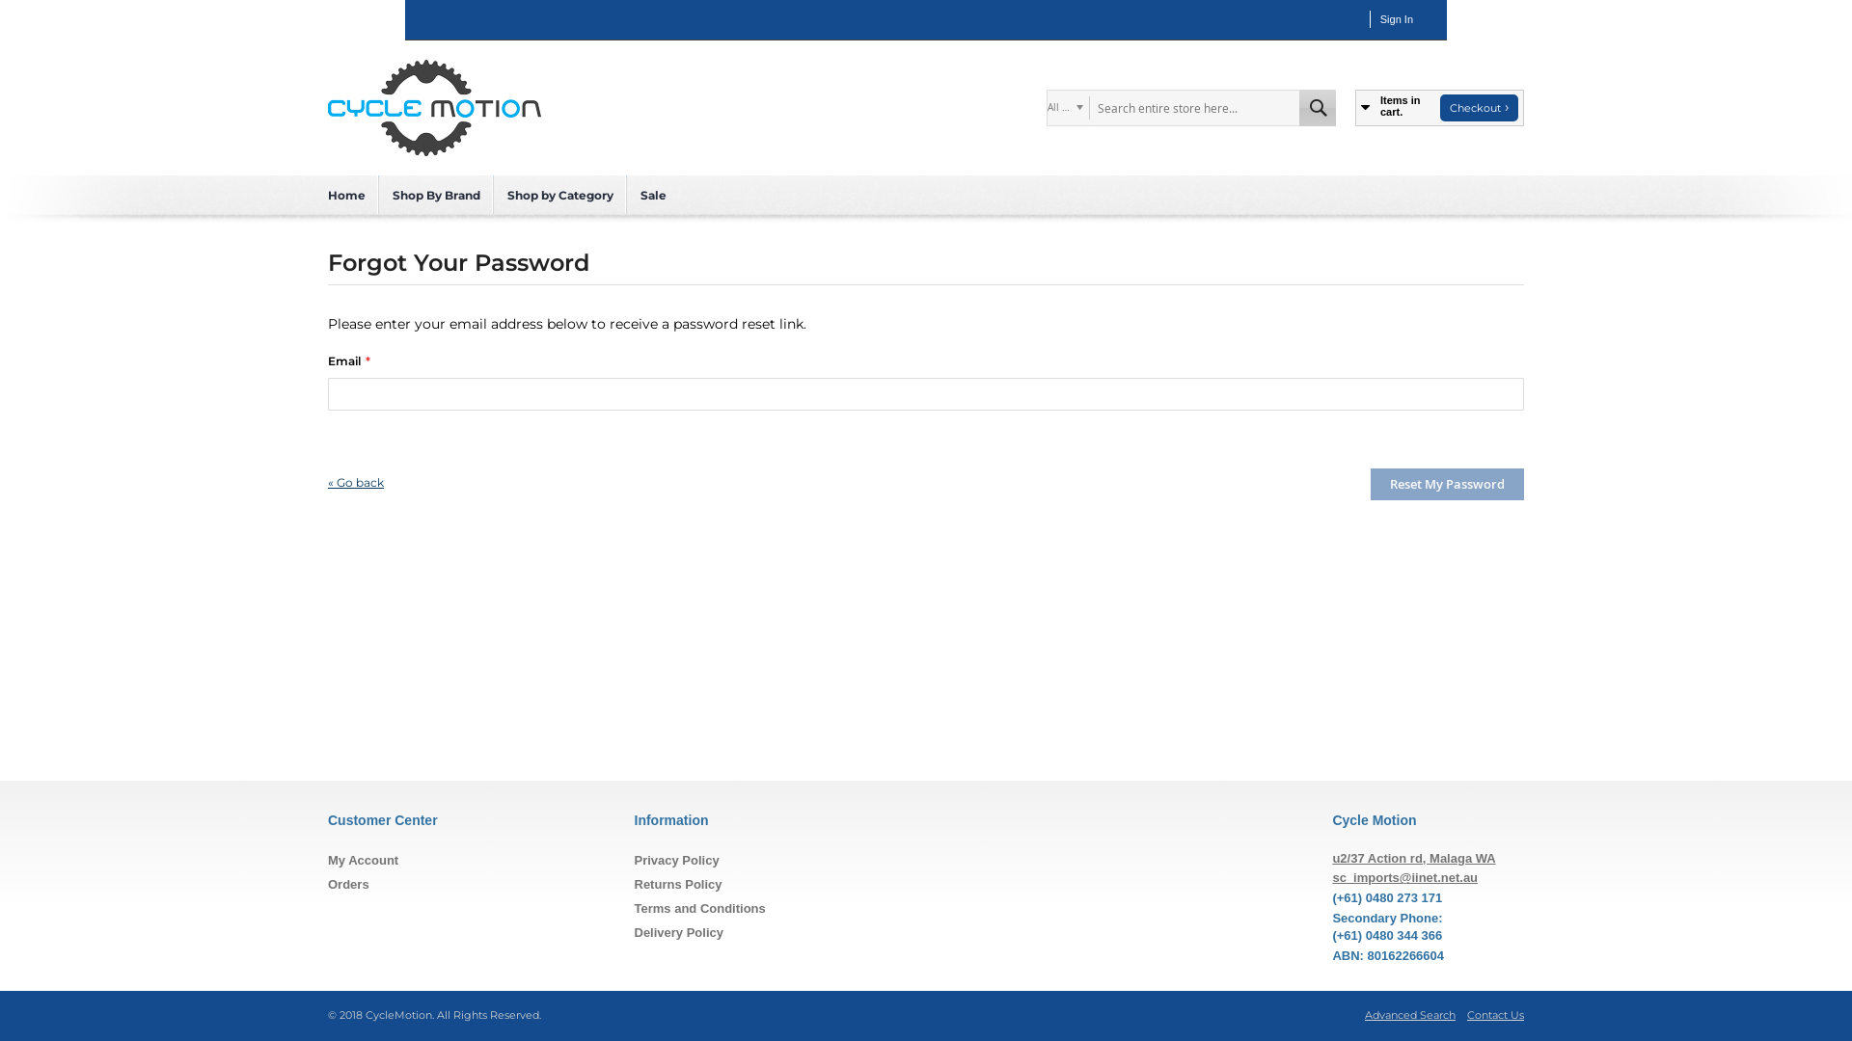 The image size is (1852, 1041). Describe the element at coordinates (1494, 1014) in the screenshot. I see `'Contact Us'` at that location.